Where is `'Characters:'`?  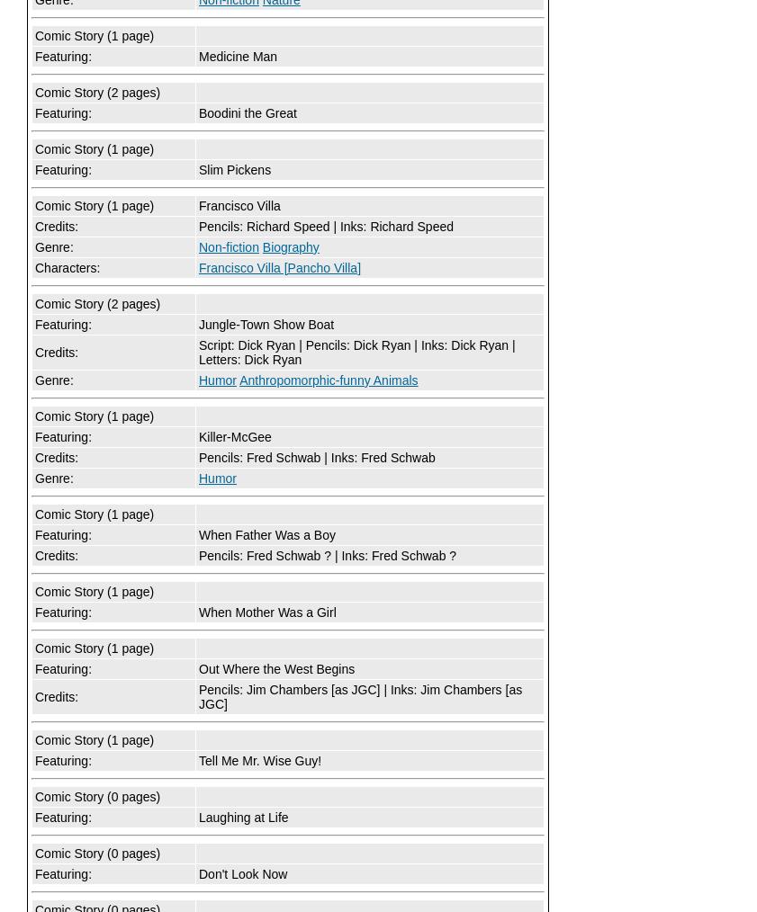
'Characters:' is located at coordinates (67, 268).